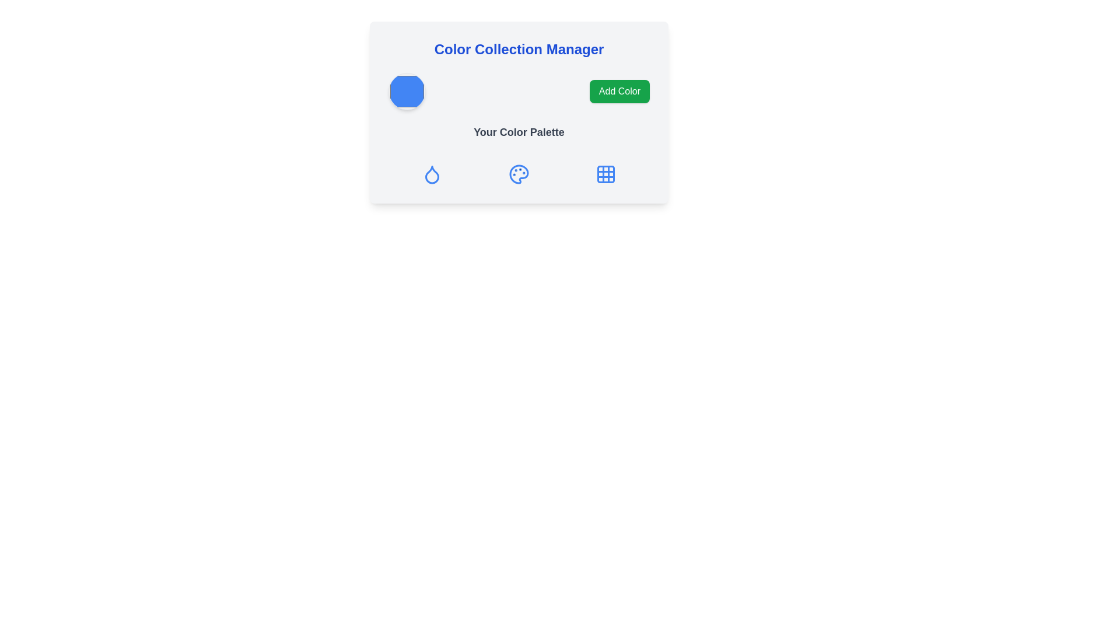  Describe the element at coordinates (431, 174) in the screenshot. I see `the first icon in the 'Your Color Palette' section, which symbolizes a droplet or water-related feature` at that location.